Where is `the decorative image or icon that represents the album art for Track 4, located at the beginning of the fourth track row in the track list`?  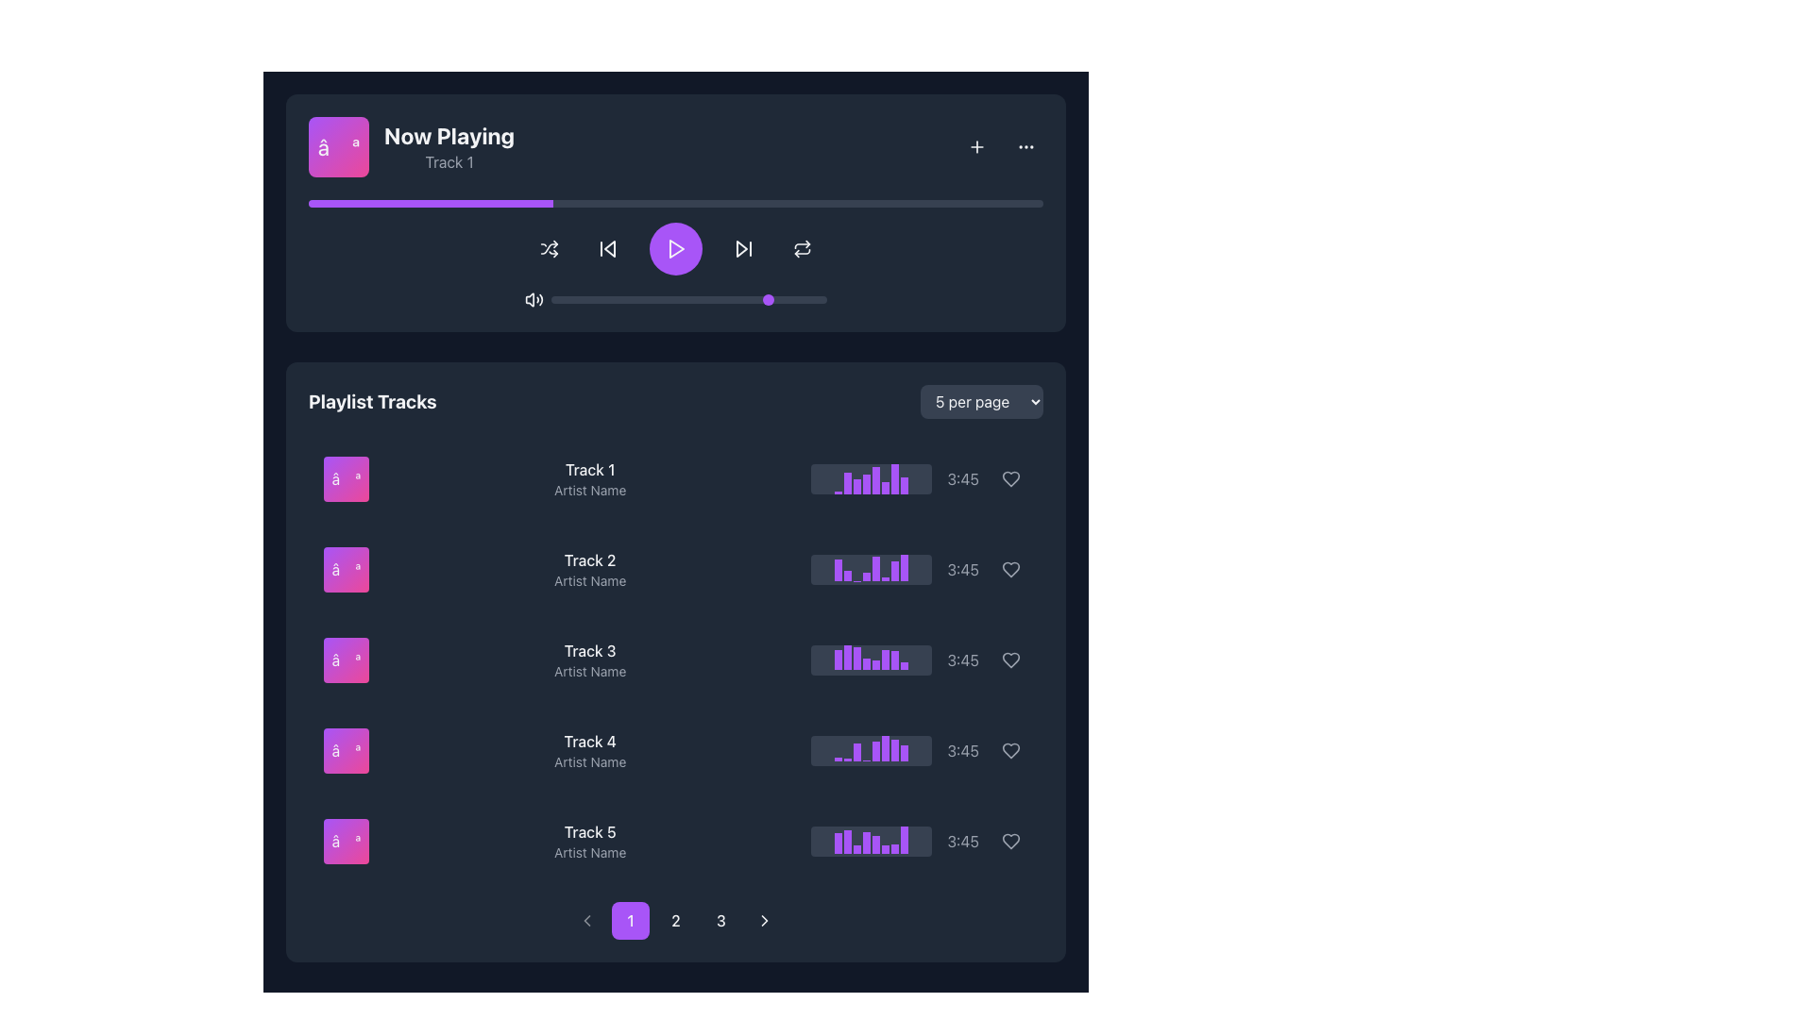
the decorative image or icon that represents the album art for Track 4, located at the beginning of the fourth track row in the track list is located at coordinates (346, 749).